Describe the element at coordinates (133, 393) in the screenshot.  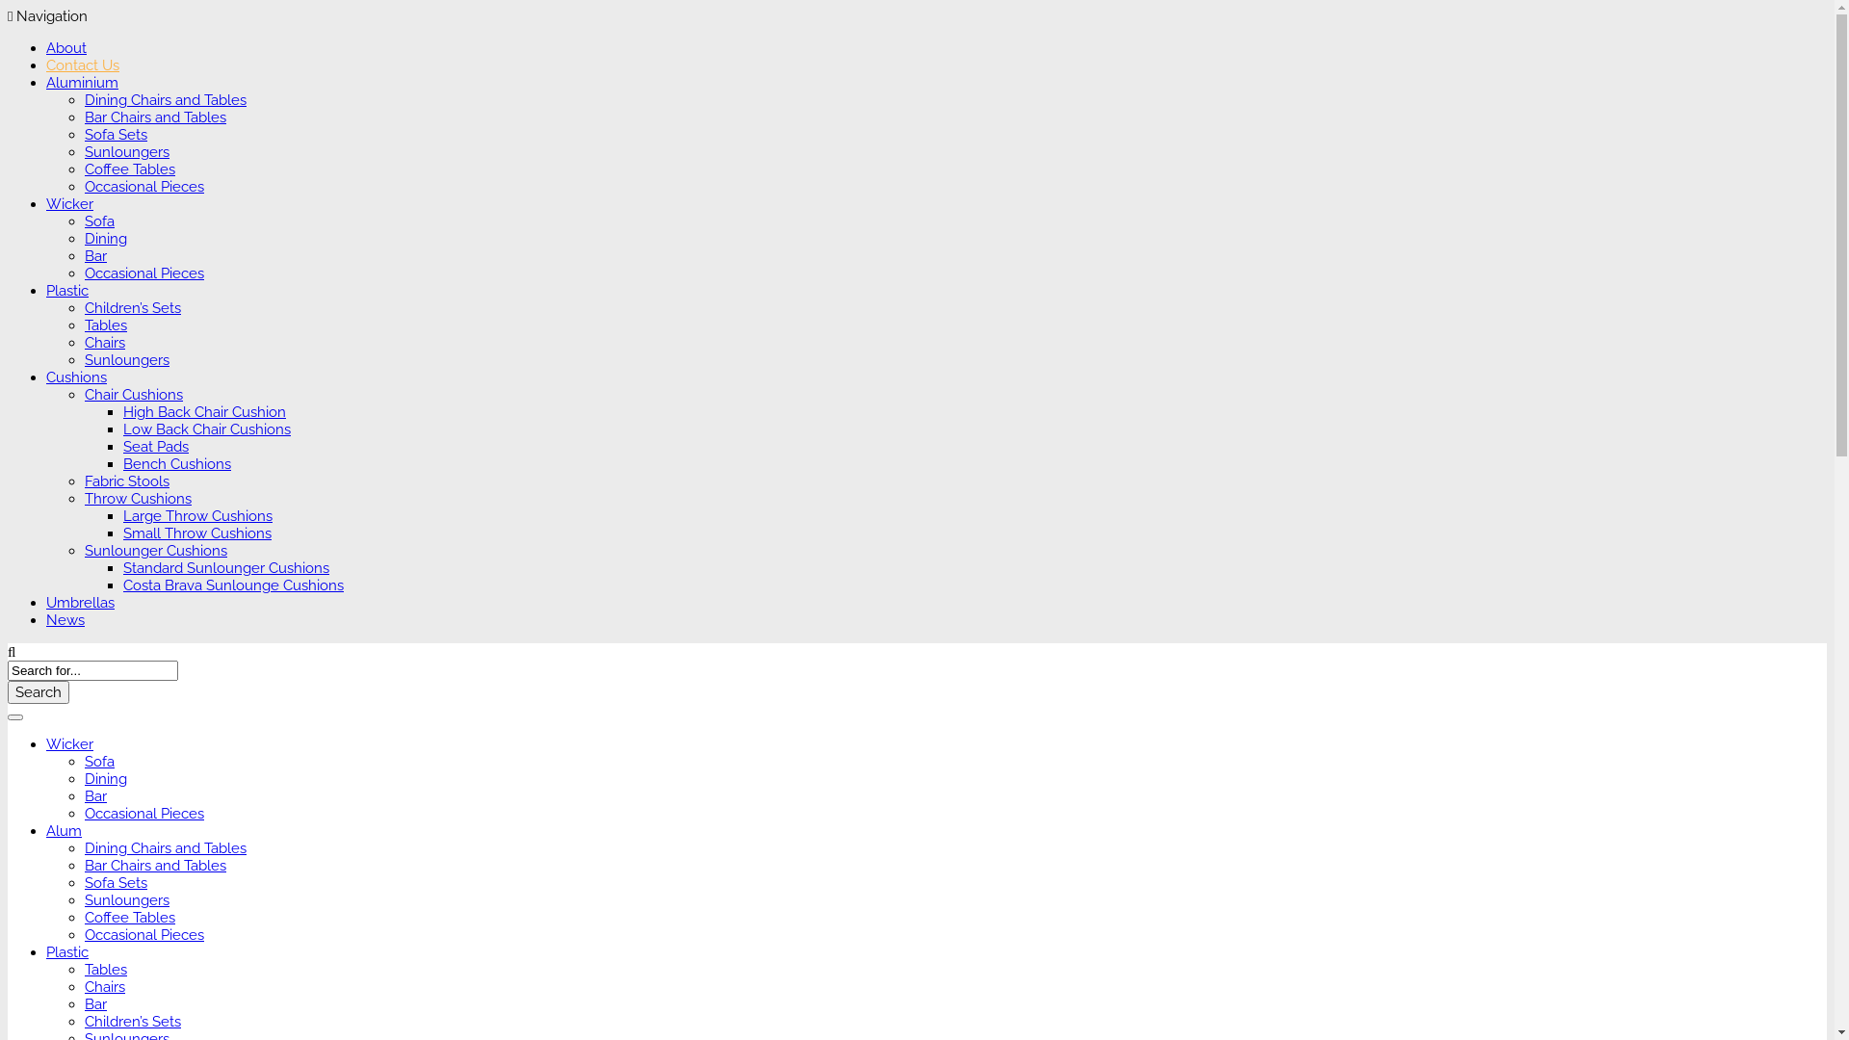
I see `'Chair Cushions'` at that location.